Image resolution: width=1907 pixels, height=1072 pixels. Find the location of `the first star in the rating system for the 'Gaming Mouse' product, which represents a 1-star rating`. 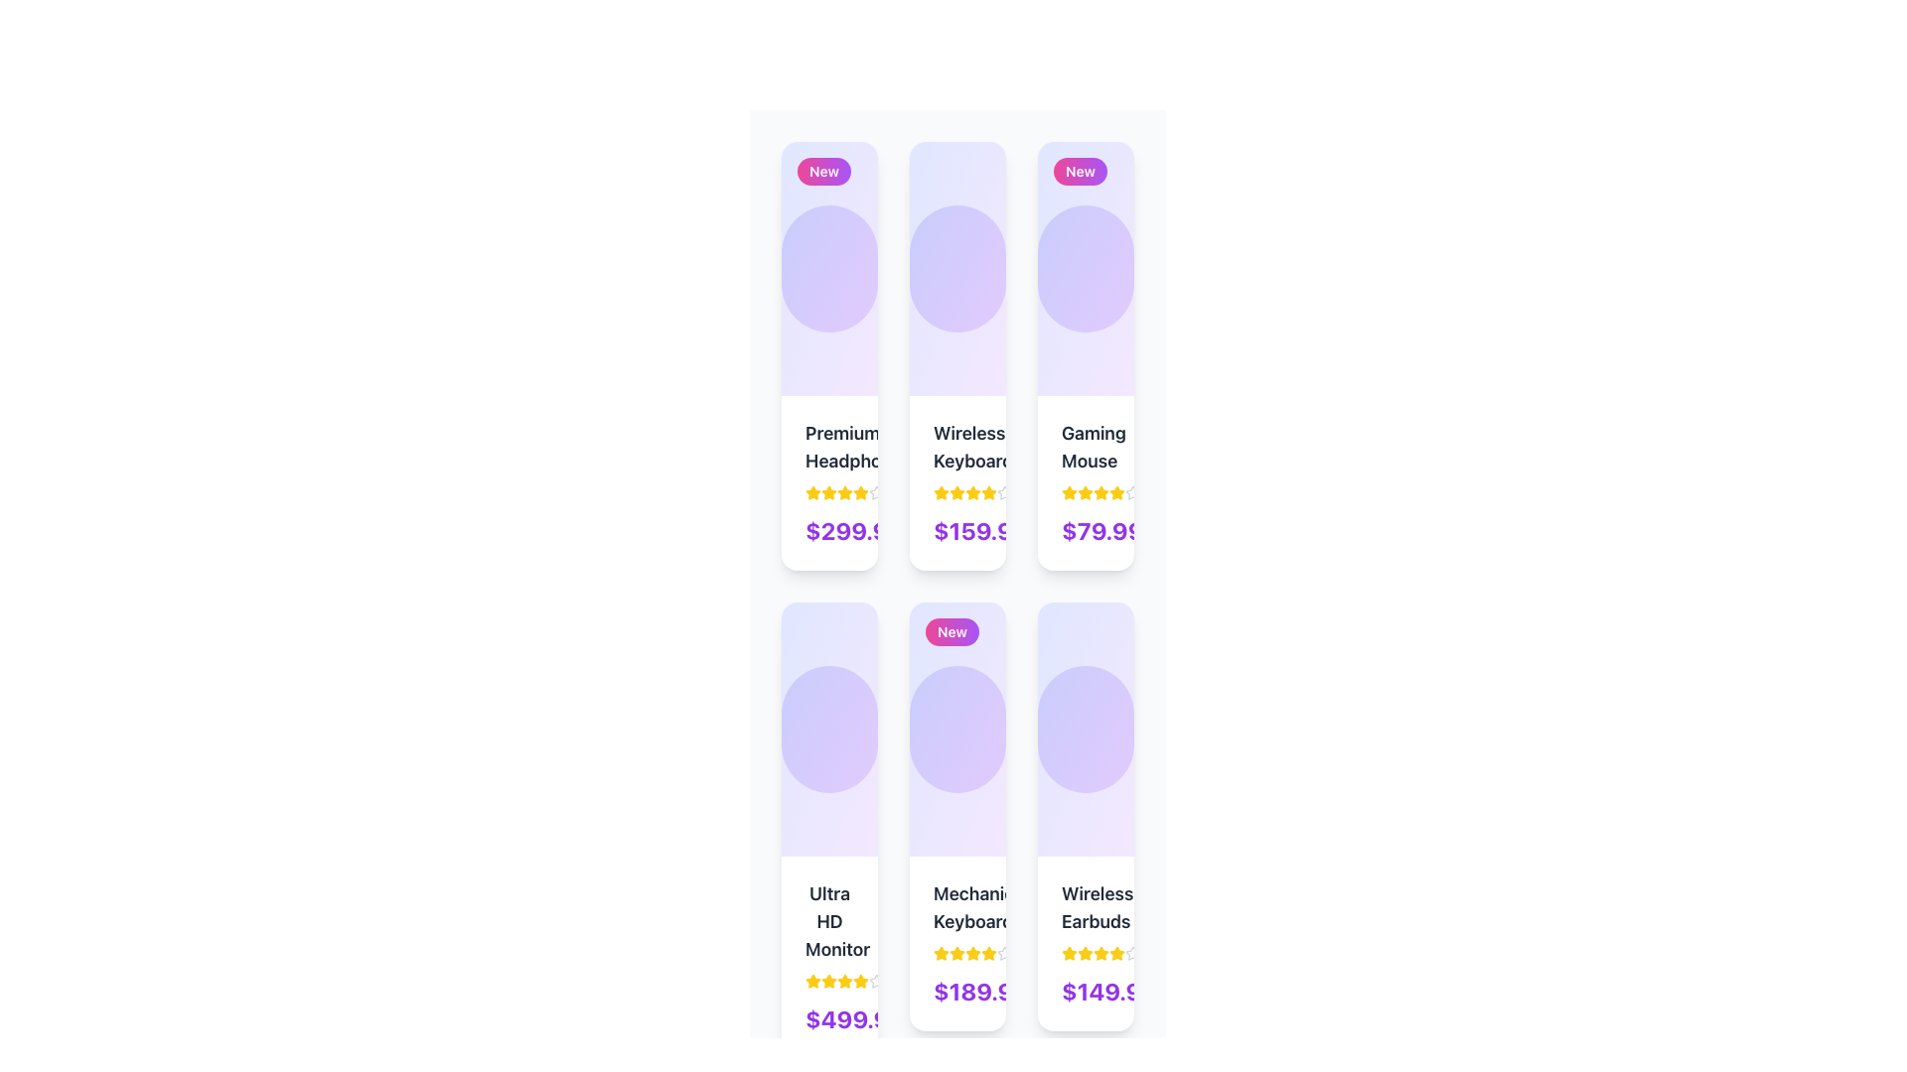

the first star in the rating system for the 'Gaming Mouse' product, which represents a 1-star rating is located at coordinates (1068, 492).